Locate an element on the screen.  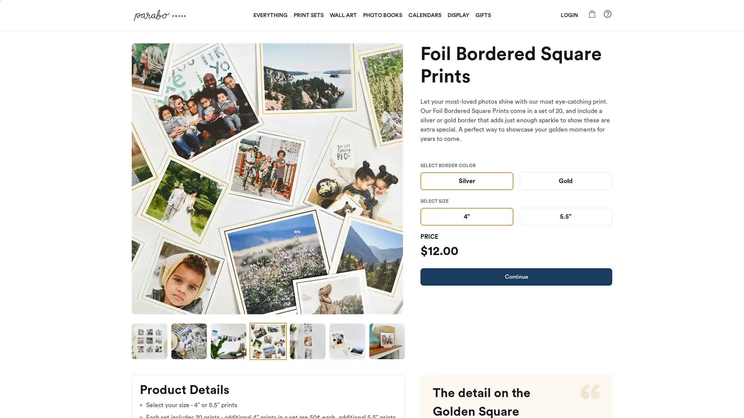
slide dot is located at coordinates (387, 341).